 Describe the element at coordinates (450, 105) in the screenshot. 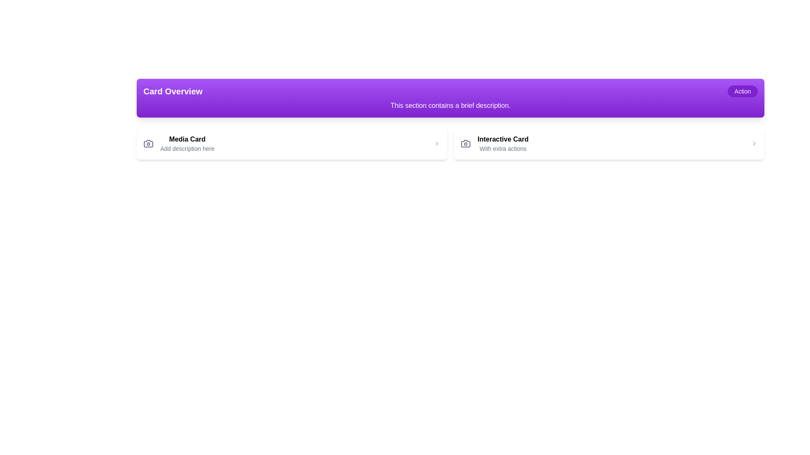

I see `the static text display element that reads 'This section contains a brief description.' which is centered on a gradient purple background` at that location.